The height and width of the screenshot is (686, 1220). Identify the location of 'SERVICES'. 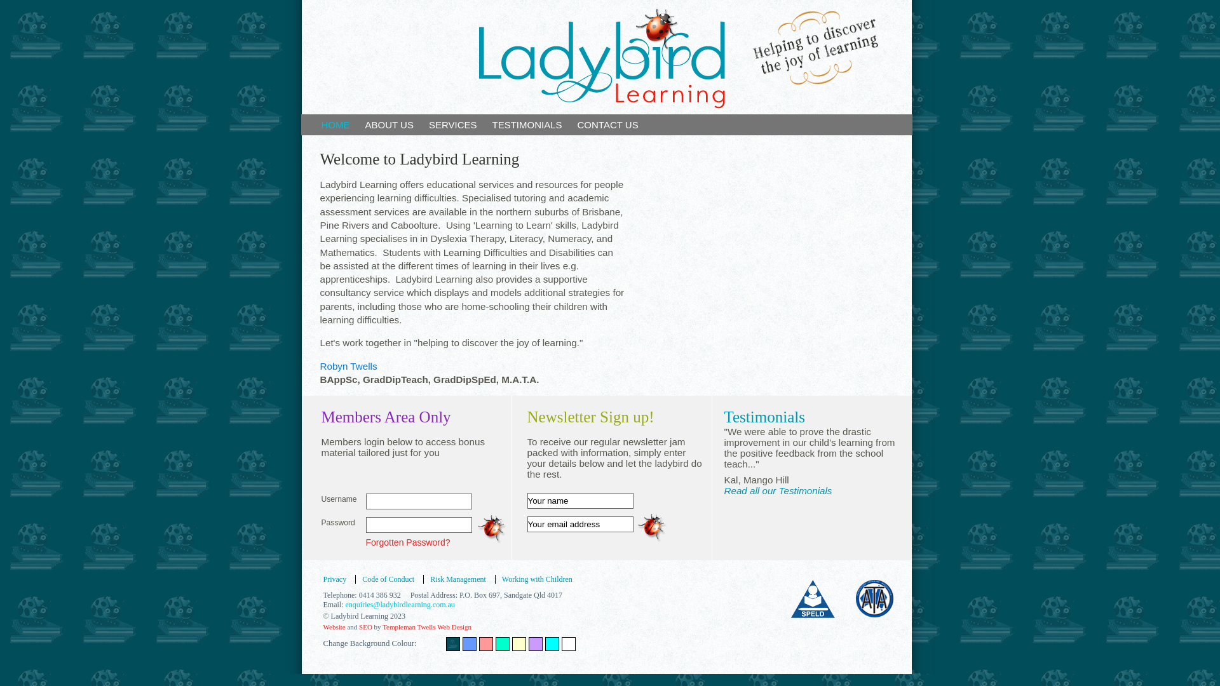
(453, 124).